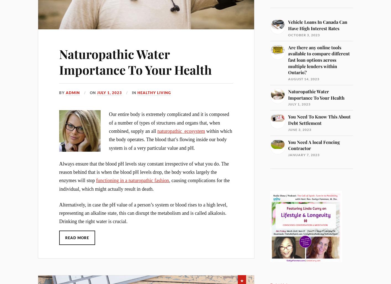 The width and height of the screenshot is (391, 284). What do you see at coordinates (317, 25) in the screenshot?
I see `'Vehicle Loans In Canada Can Have High Interest Rates'` at bounding box center [317, 25].